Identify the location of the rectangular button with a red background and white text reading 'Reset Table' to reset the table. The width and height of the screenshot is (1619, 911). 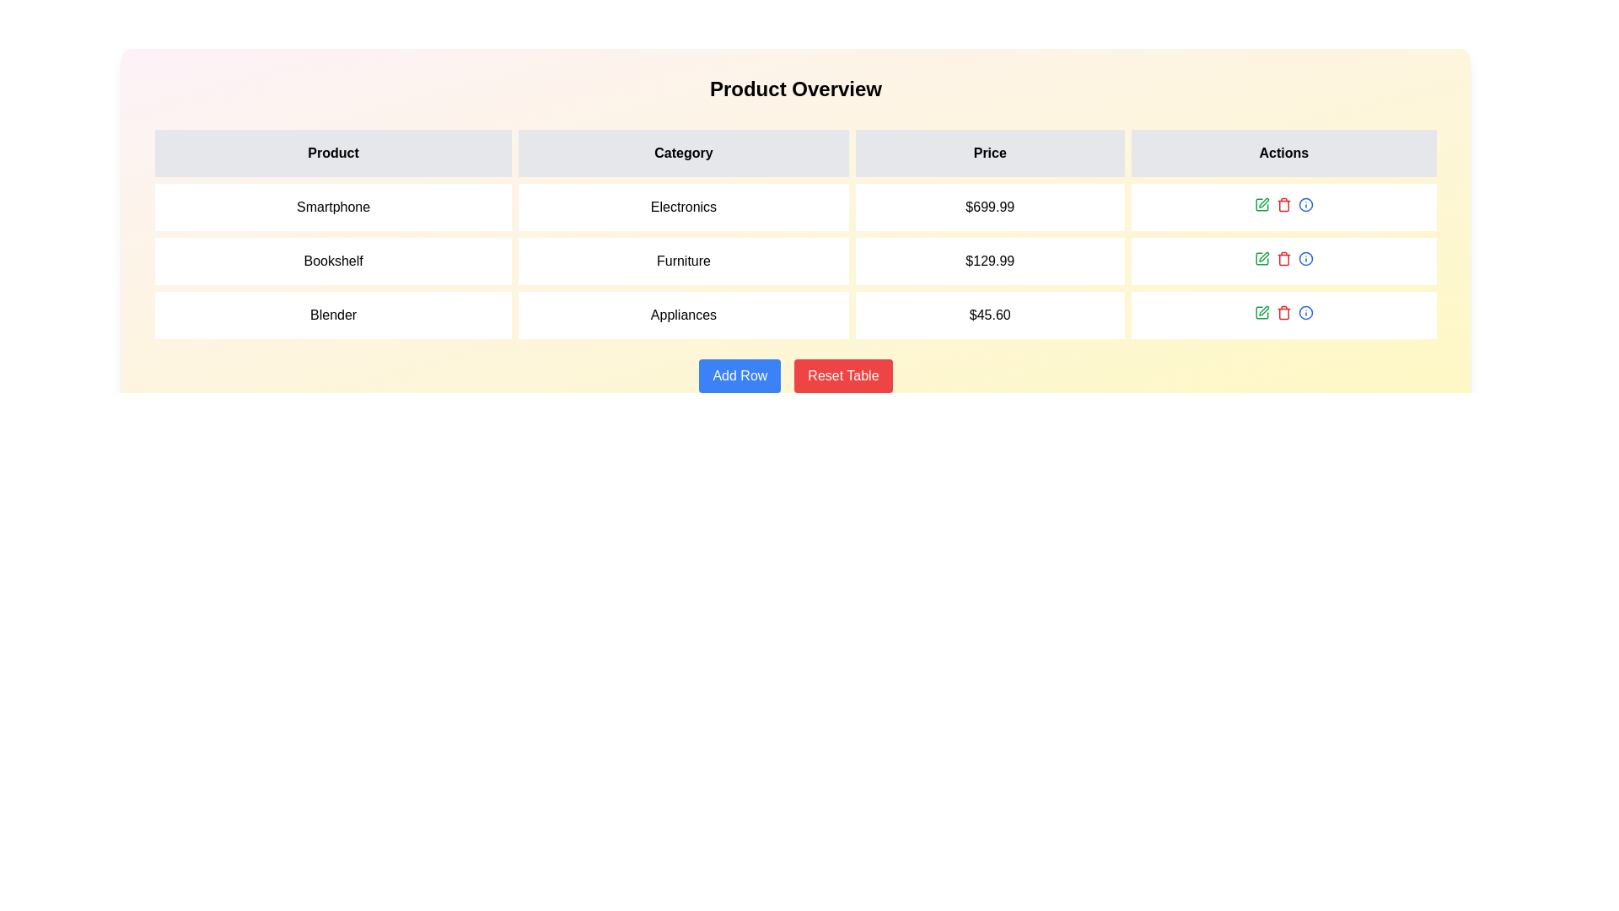
(842, 375).